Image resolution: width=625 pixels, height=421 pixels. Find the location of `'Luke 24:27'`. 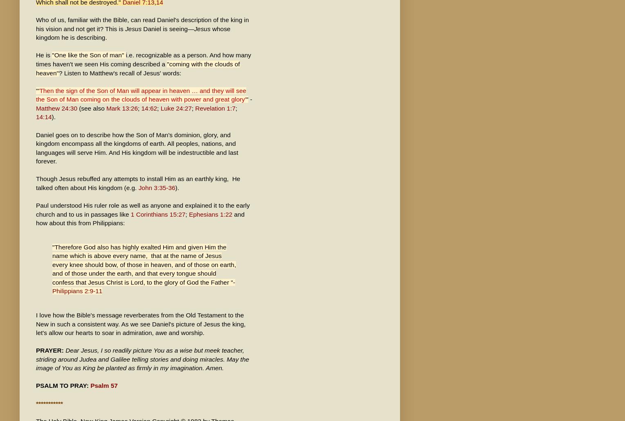

'Luke 24:27' is located at coordinates (175, 108).